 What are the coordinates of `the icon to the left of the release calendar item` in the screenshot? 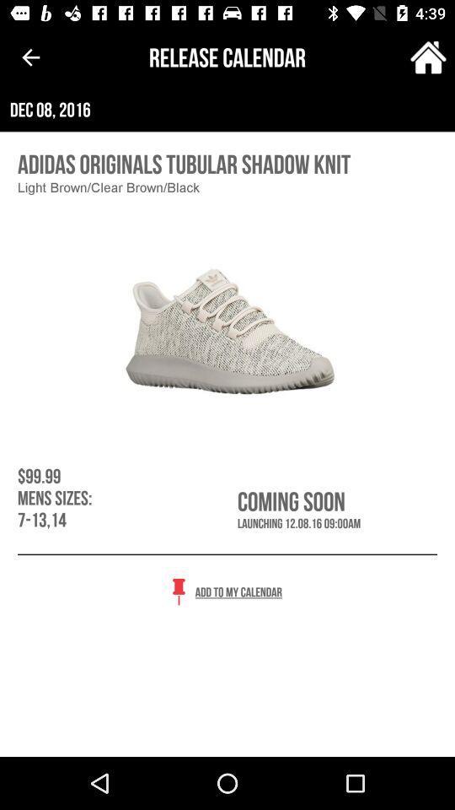 It's located at (30, 57).